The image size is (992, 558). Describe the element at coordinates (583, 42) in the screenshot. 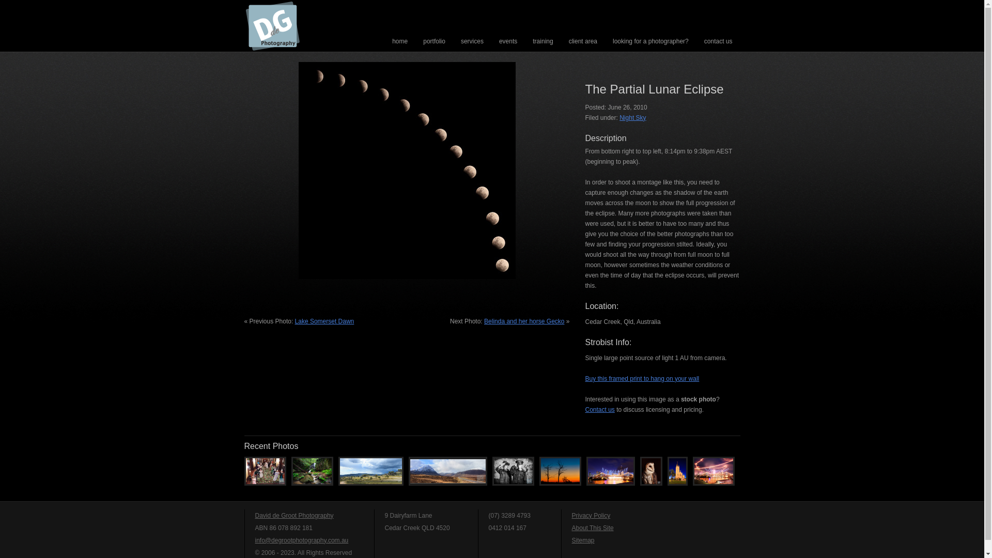

I see `'client area'` at that location.